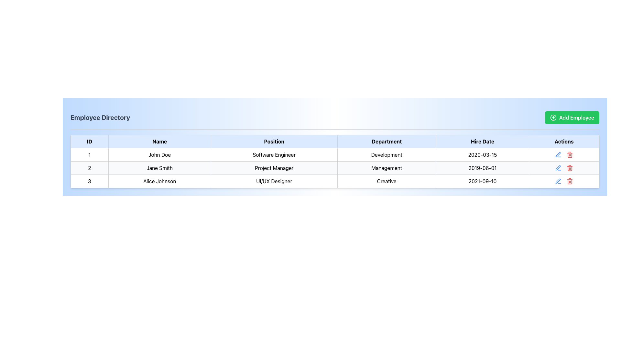 The height and width of the screenshot is (349, 621). What do you see at coordinates (483, 168) in the screenshot?
I see `the Text Display that shows the hire date of employee 'Jane Smith' located in the fifth column of the second row under the 'Hire Date' column` at bounding box center [483, 168].